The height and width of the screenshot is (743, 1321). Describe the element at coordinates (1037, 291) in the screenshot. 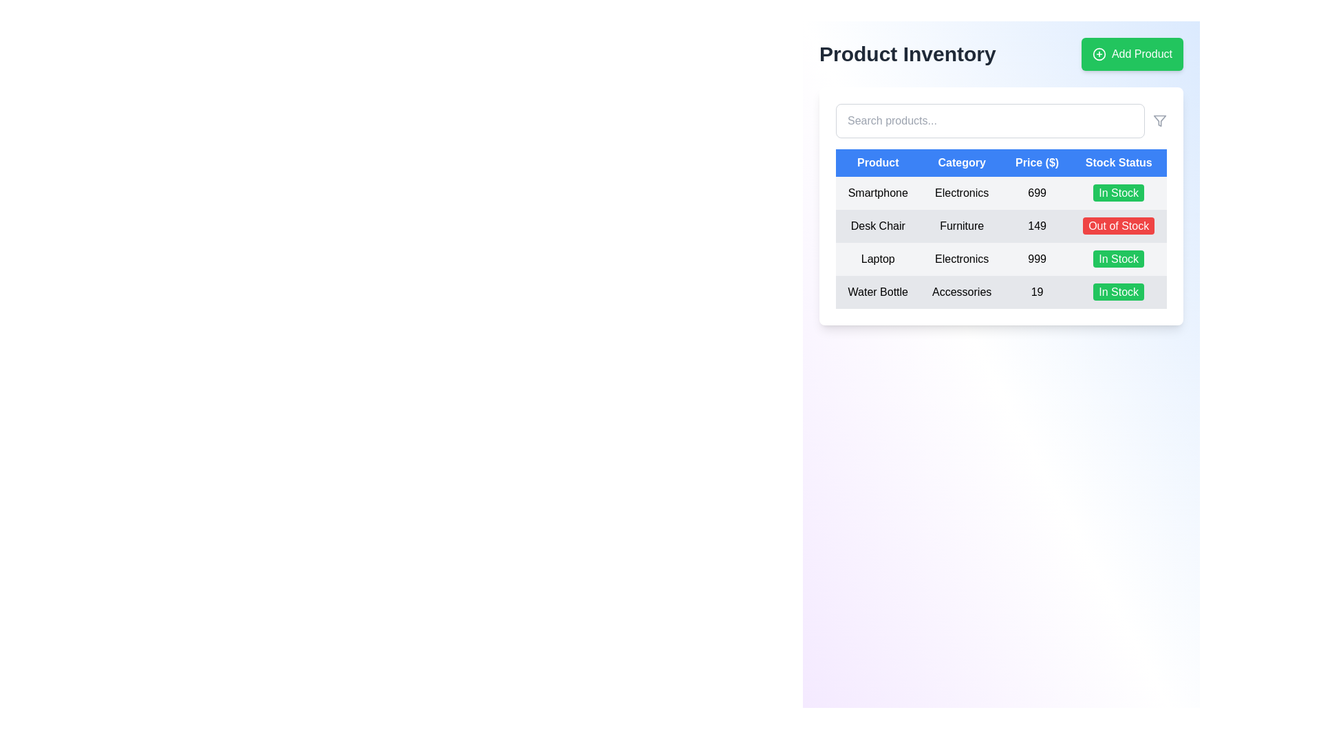

I see `the text displaying the number '19' in the 'Price ($)' column of the table row for 'Water Bottle', which is center-aligned and adjacent to the 'Accessories' text and the 'In Stock' status` at that location.